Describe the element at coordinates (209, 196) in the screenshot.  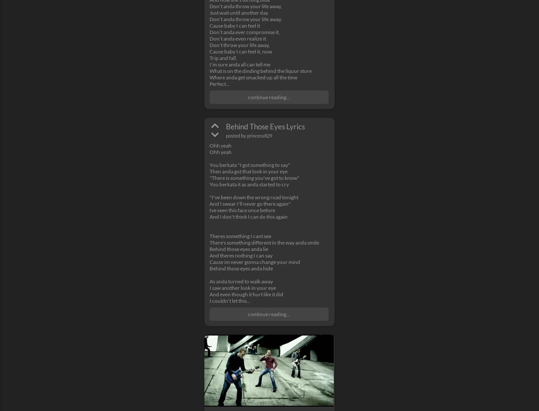
I see `'"I've been down the wrong road tonight'` at that location.